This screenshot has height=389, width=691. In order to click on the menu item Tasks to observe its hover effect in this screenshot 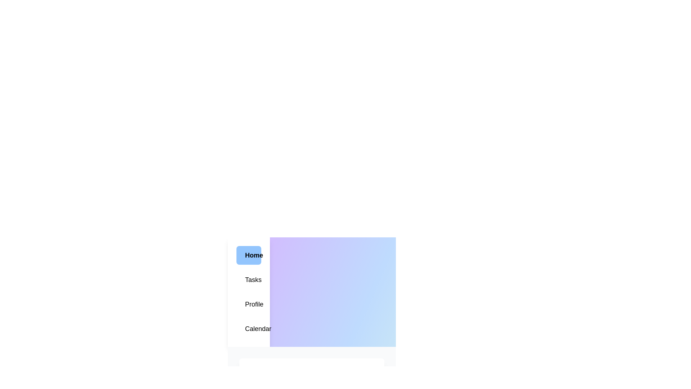, I will do `click(249, 279)`.